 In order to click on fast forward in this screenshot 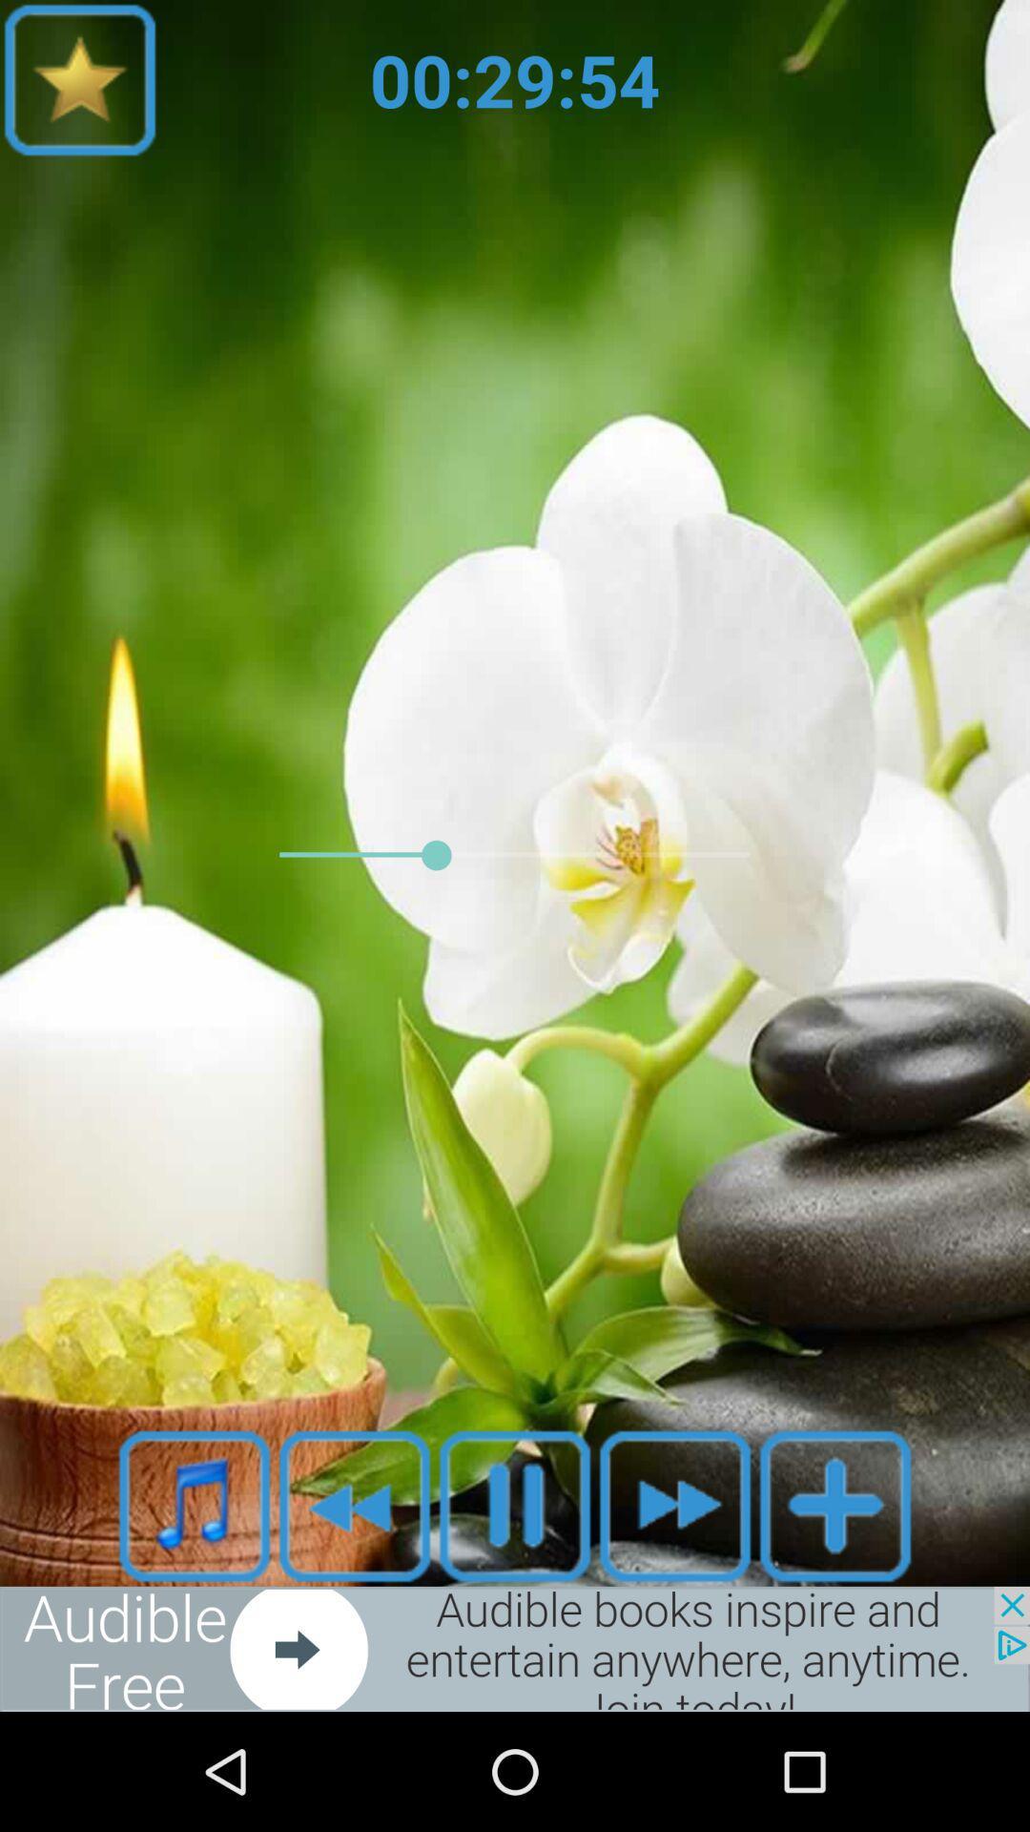, I will do `click(674, 1505)`.